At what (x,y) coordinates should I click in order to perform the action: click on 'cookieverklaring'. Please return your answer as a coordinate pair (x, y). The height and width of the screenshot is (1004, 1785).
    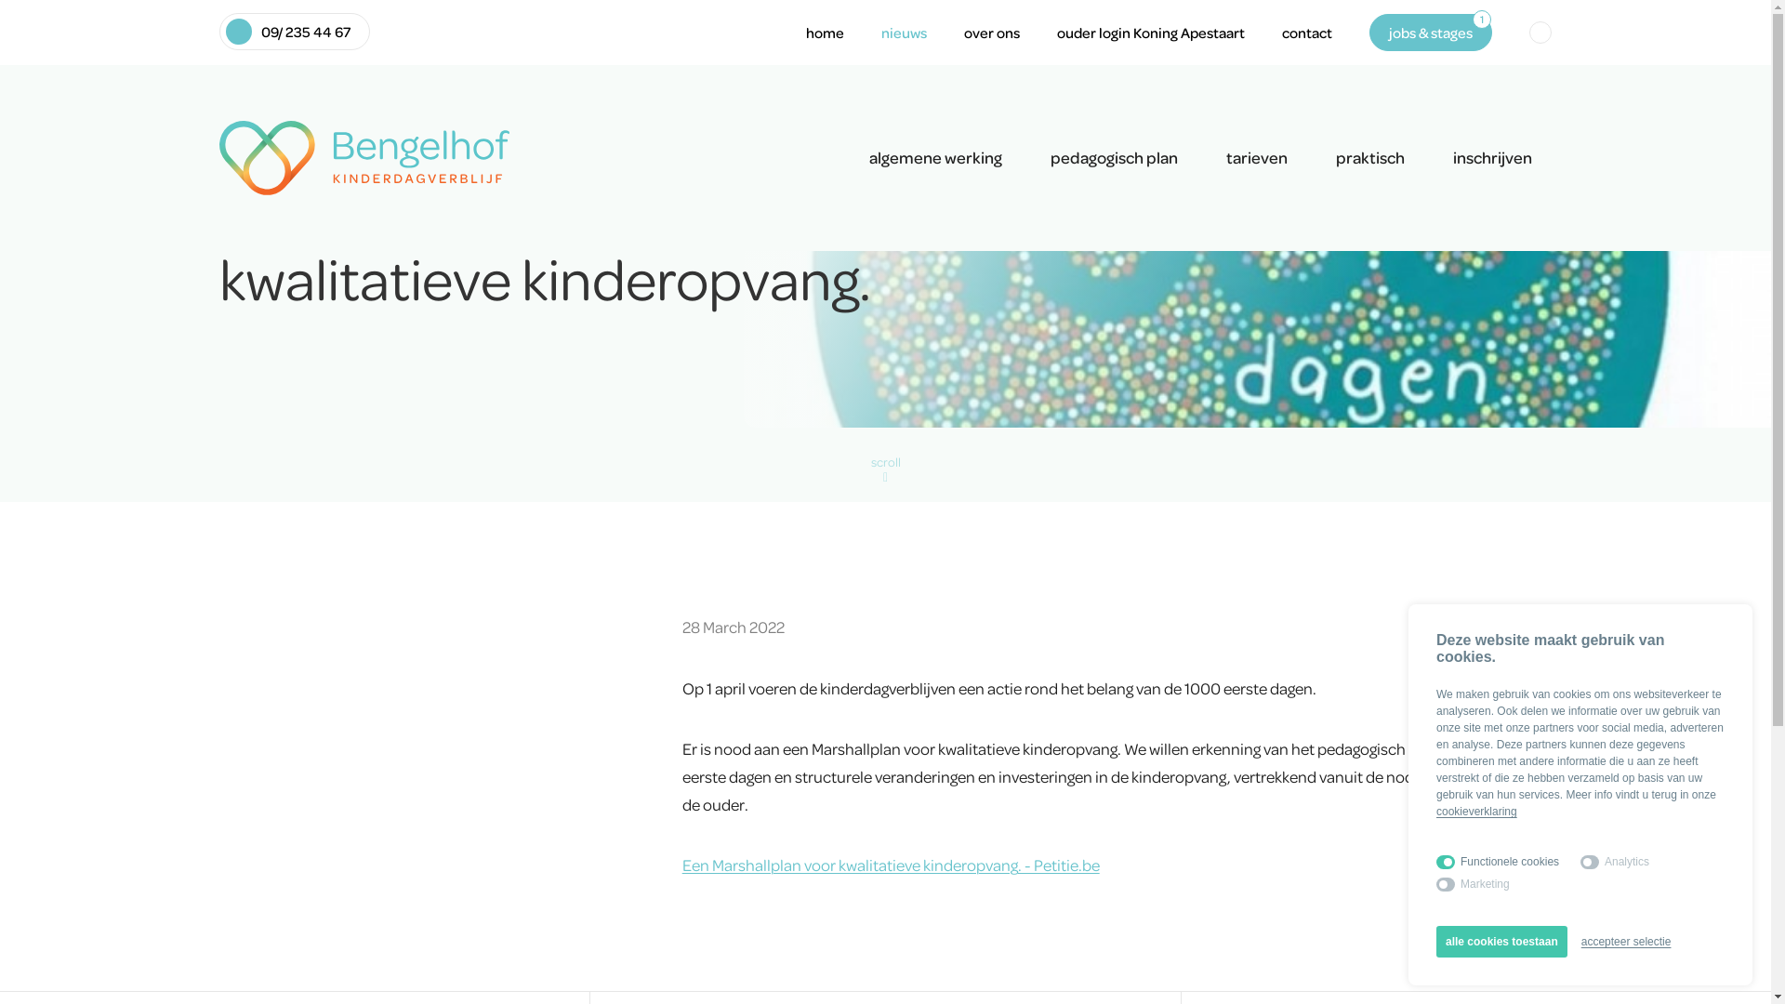
    Looking at the image, I should click on (1475, 810).